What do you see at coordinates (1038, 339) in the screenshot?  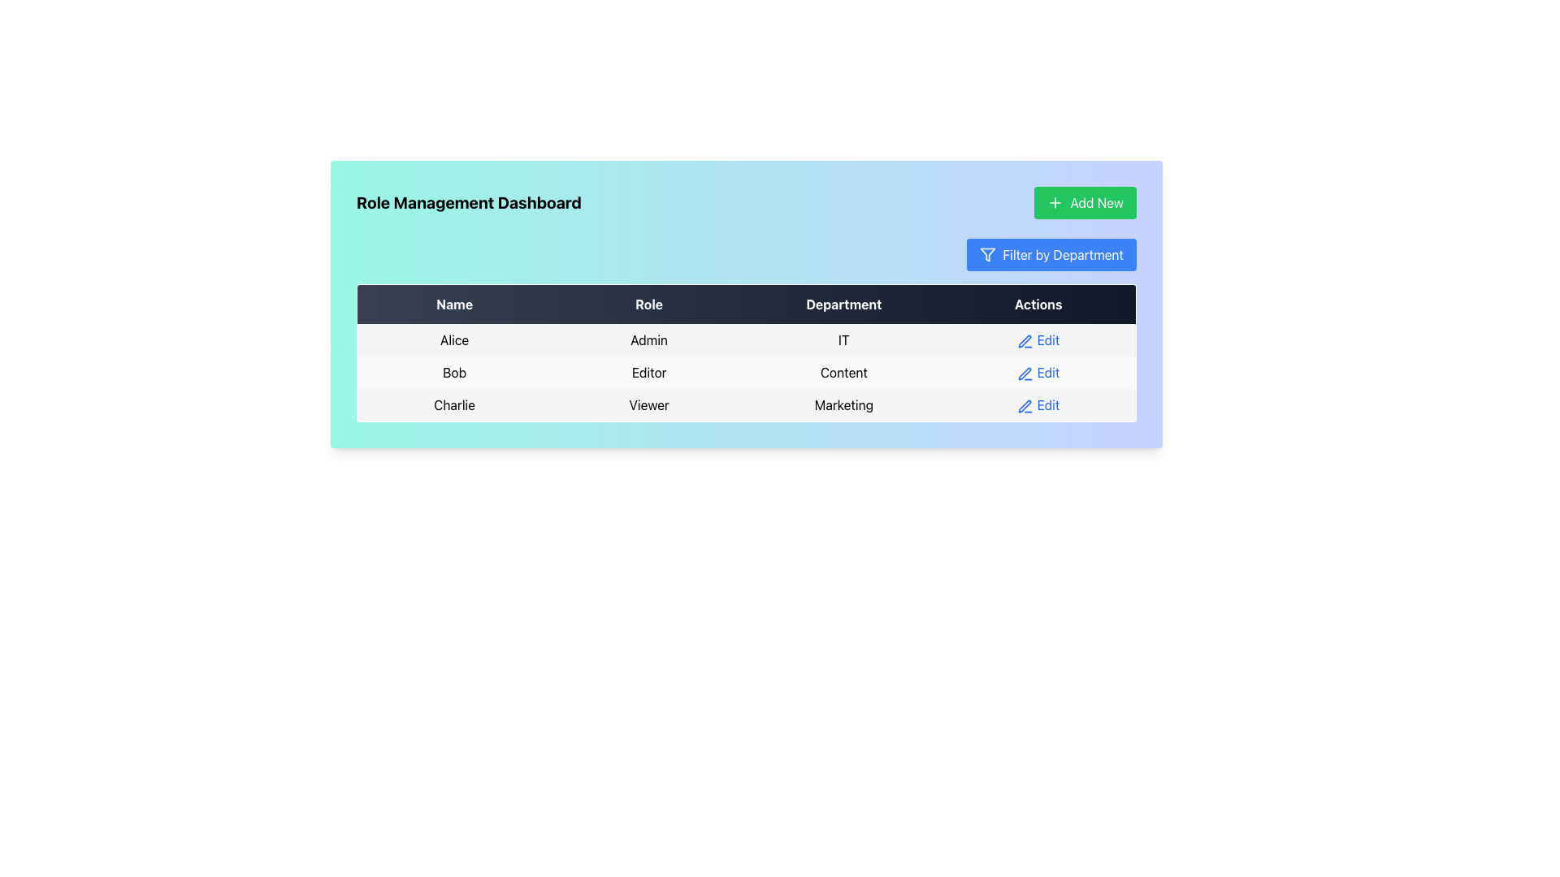 I see `the clickable link with an icon and text in the 'Actions' column of the second row, adjacent to the 'IT' department` at bounding box center [1038, 339].